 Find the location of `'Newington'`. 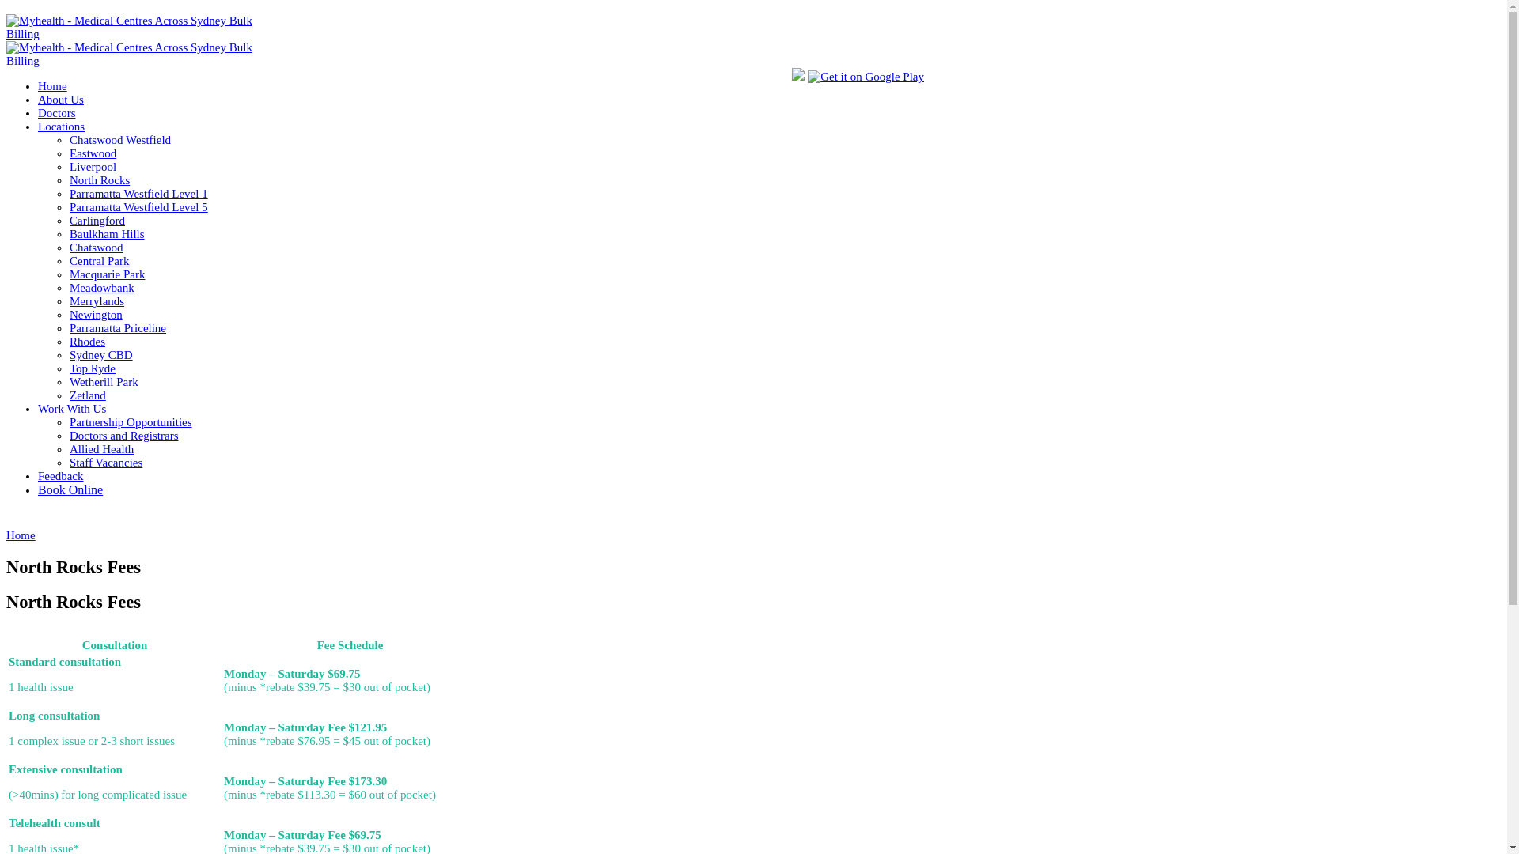

'Newington' is located at coordinates (95, 314).